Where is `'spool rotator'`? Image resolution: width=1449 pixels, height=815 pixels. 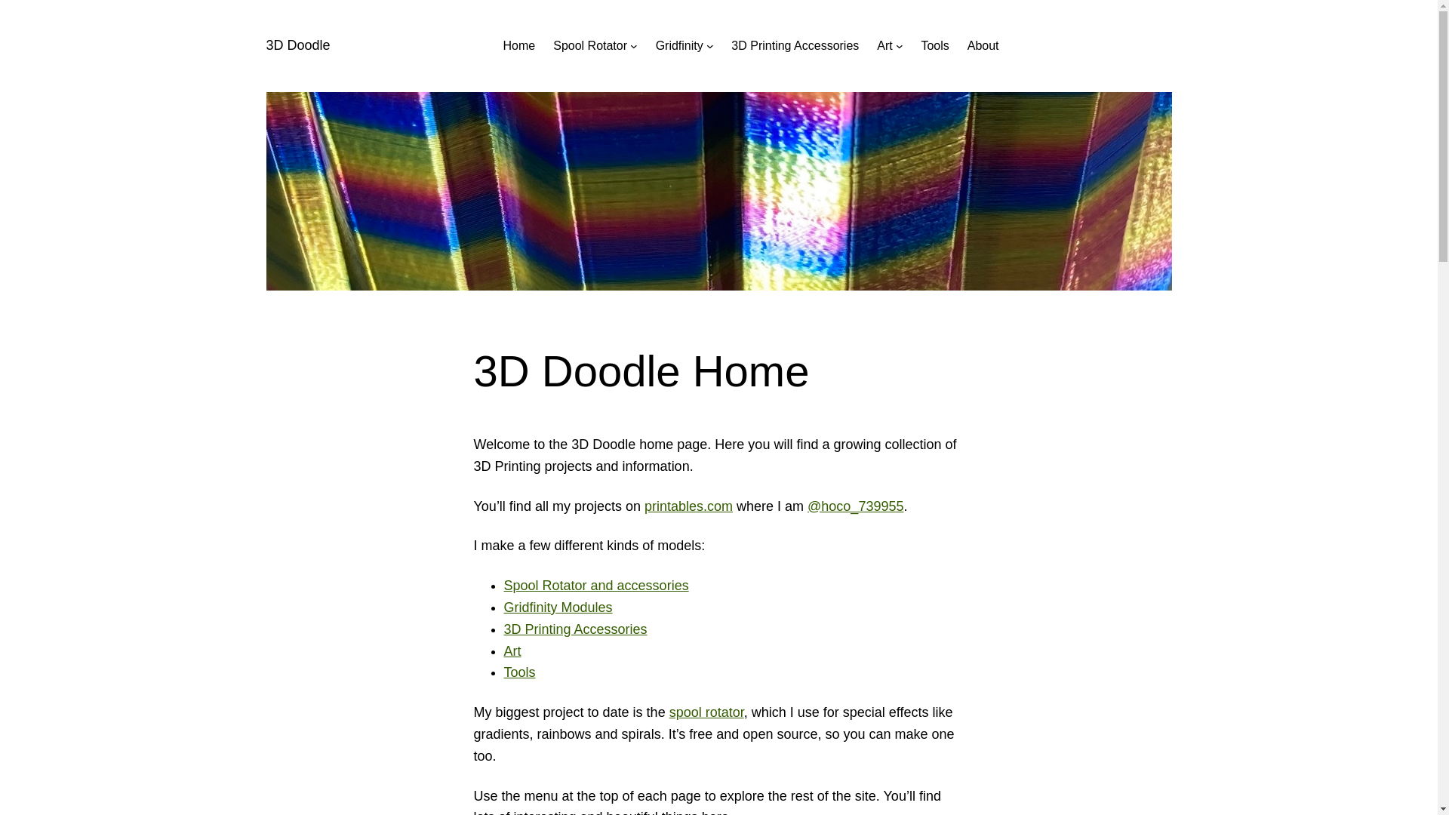 'spool rotator' is located at coordinates (706, 712).